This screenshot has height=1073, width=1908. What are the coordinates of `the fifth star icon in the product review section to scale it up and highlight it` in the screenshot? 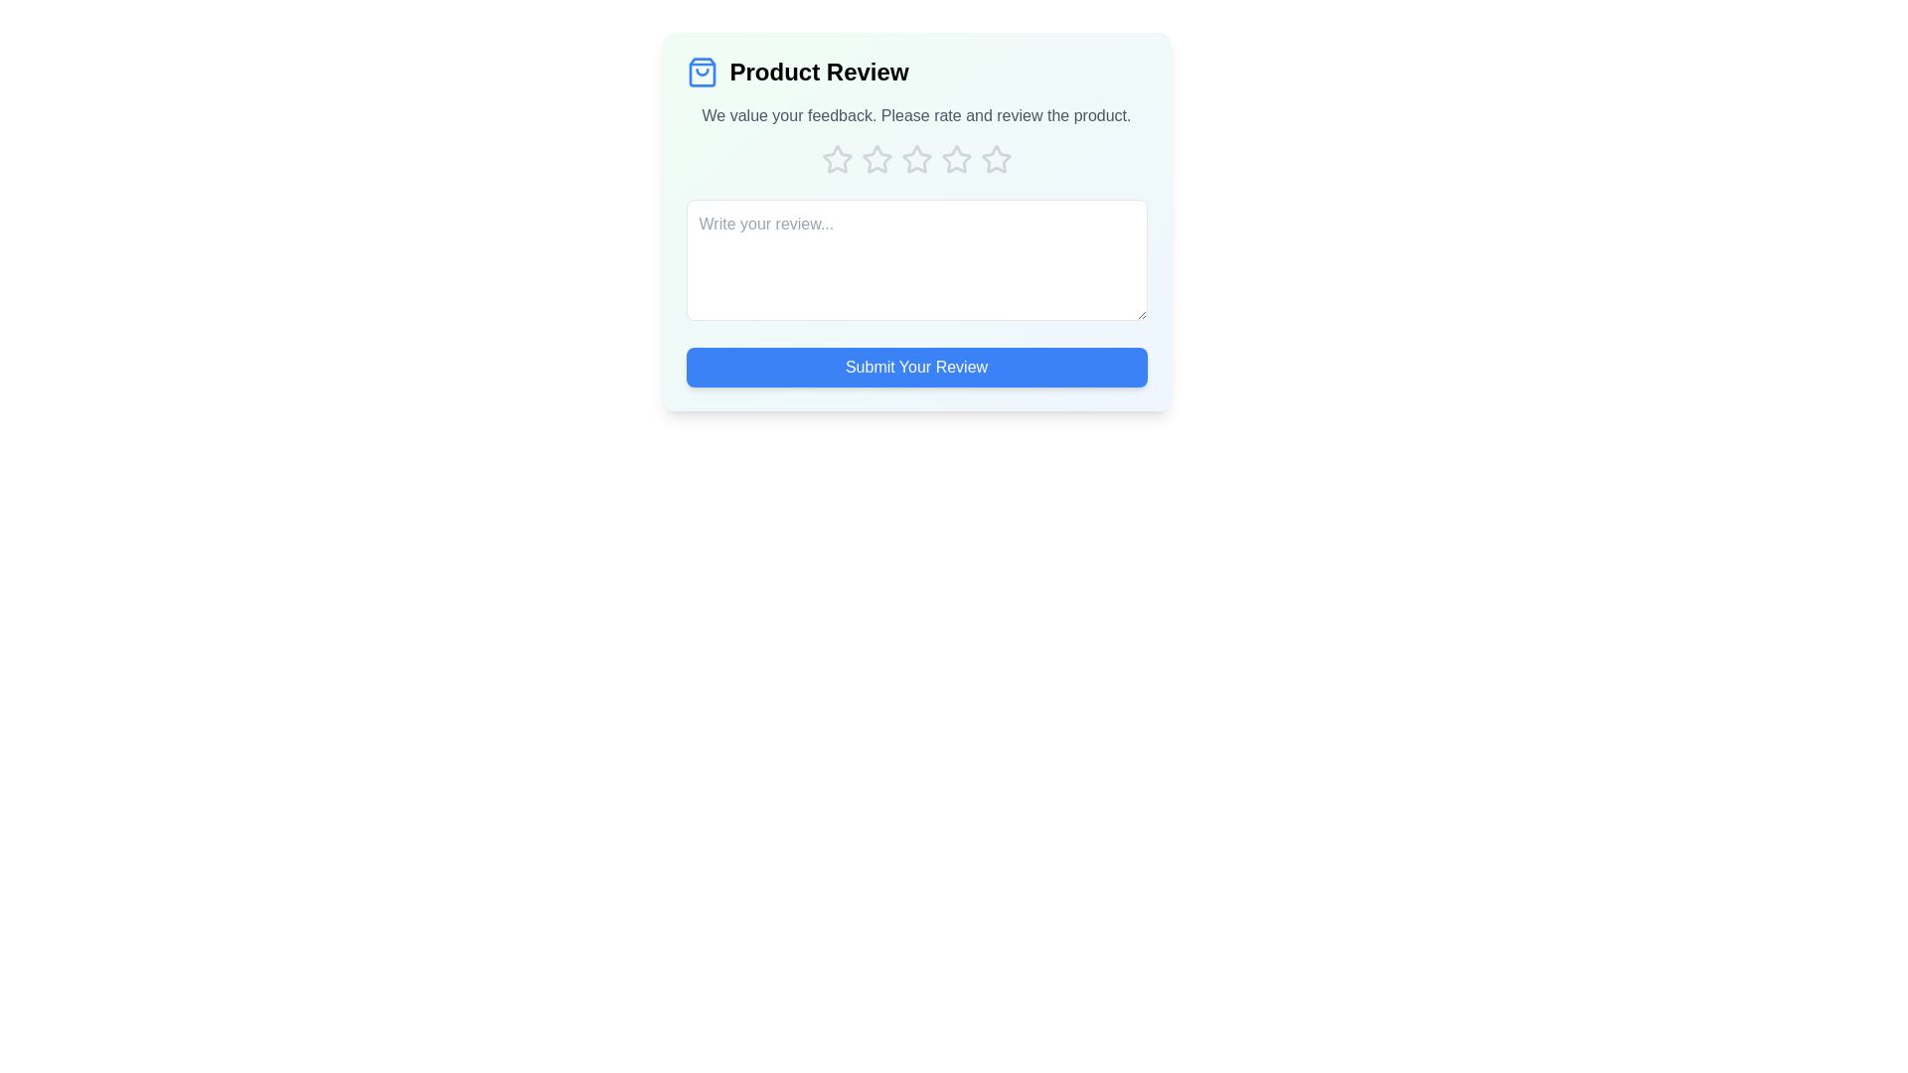 It's located at (996, 159).